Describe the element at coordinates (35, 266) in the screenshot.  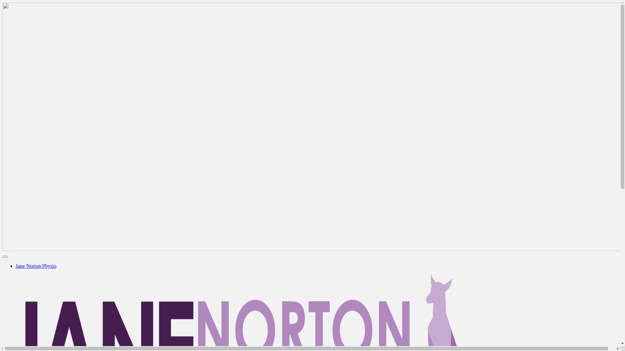
I see `'Jane Norton Physio'` at that location.